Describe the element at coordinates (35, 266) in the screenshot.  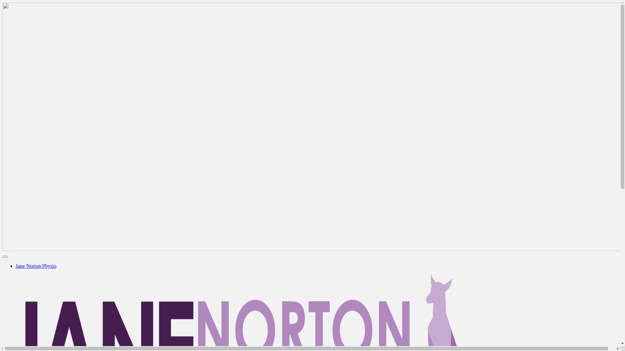
I see `'Jane Norton Physio'` at that location.